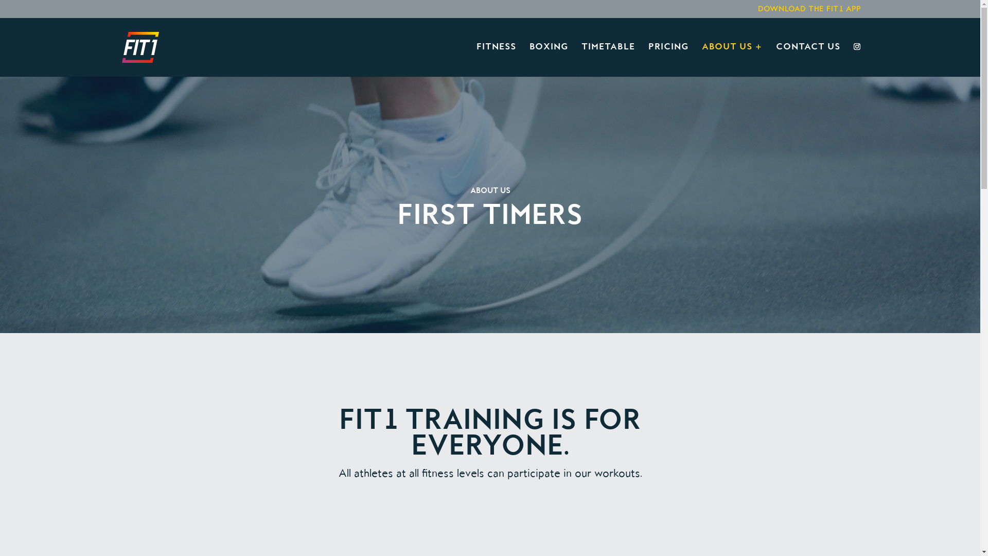 The image size is (988, 556). What do you see at coordinates (808, 12) in the screenshot?
I see `'DOWNLOAD THE FIT1 APP'` at bounding box center [808, 12].